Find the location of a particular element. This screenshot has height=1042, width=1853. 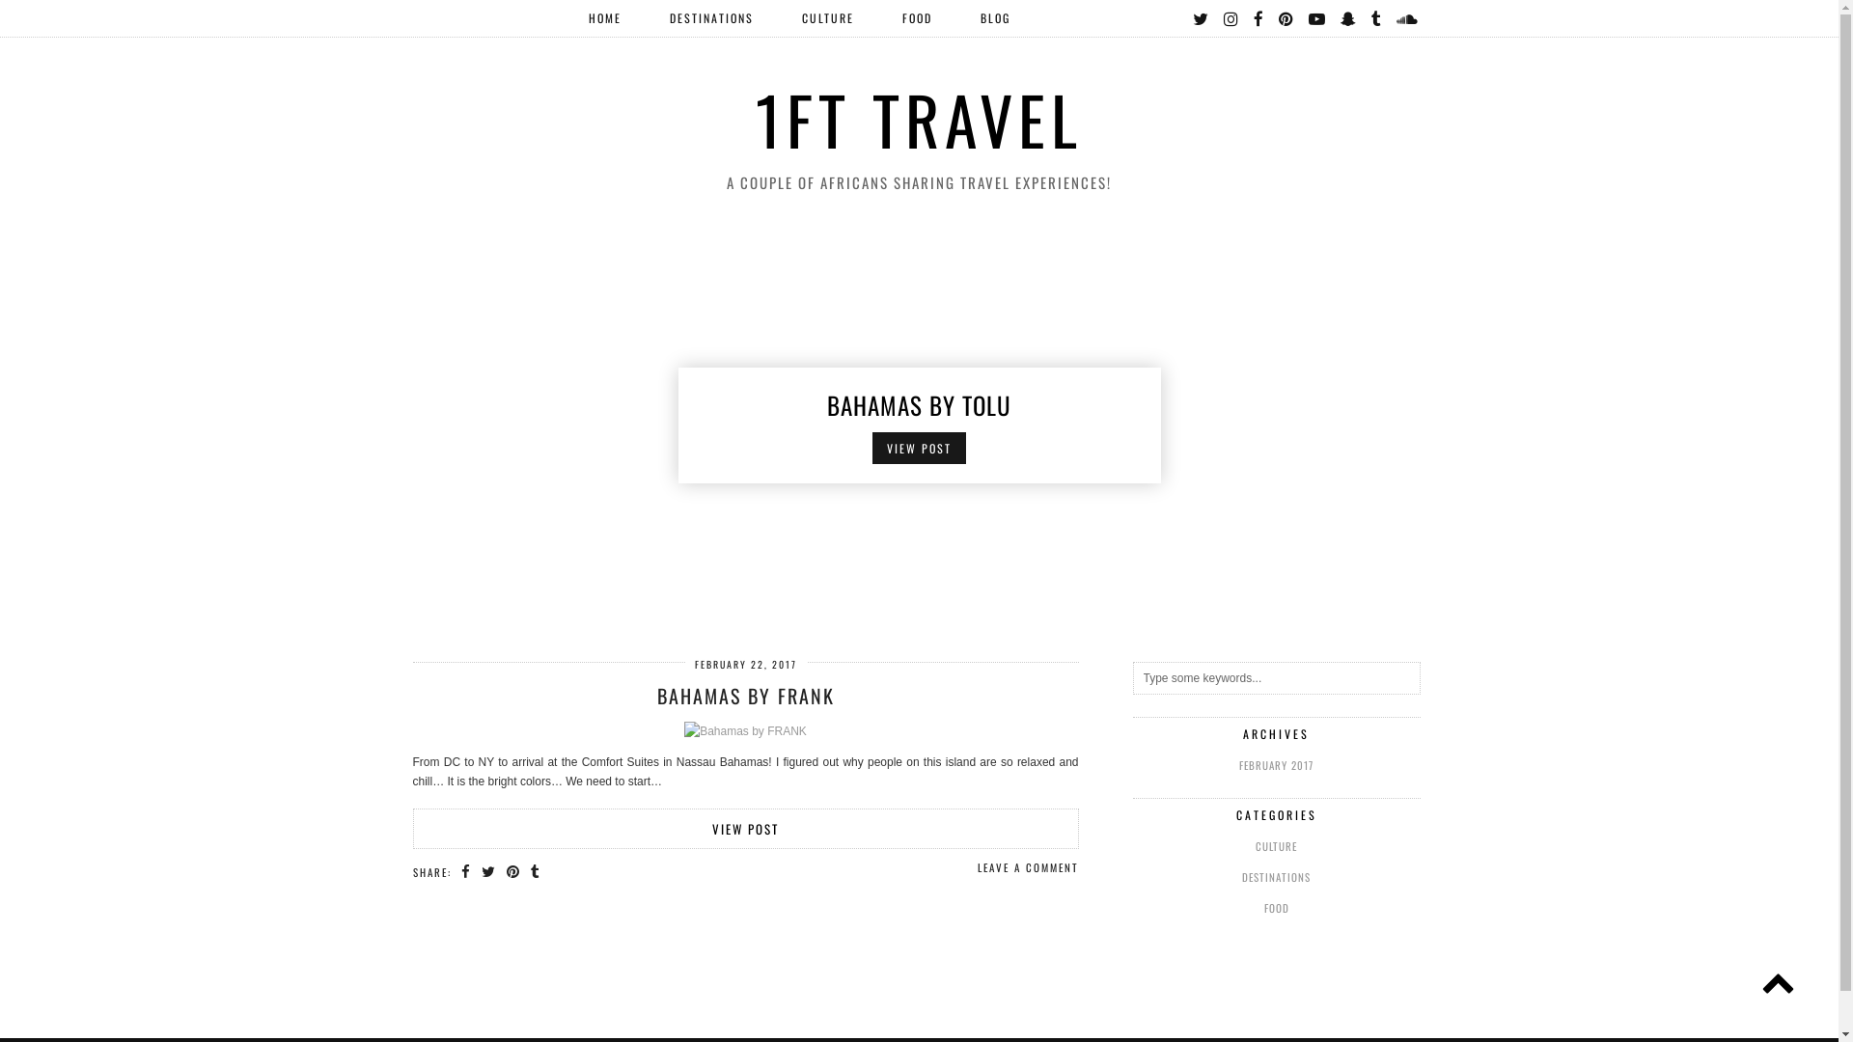

'1FT TRAVEL' is located at coordinates (918, 119).